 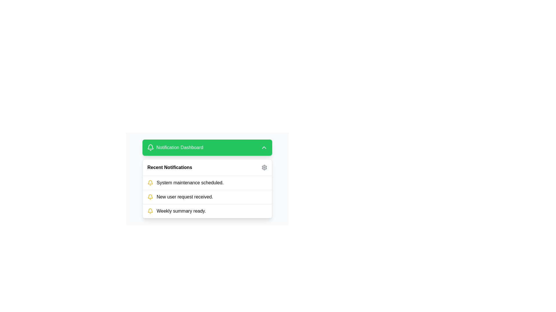 What do you see at coordinates (264, 167) in the screenshot?
I see `the settings icon in the 'Recent Notifications' header` at bounding box center [264, 167].